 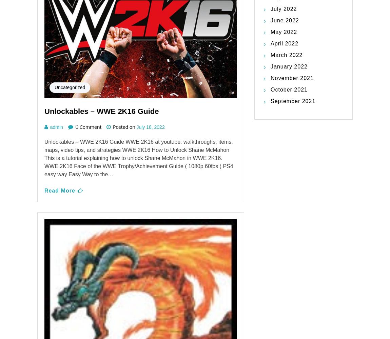 I want to click on 'Next »', so click(x=164, y=295).